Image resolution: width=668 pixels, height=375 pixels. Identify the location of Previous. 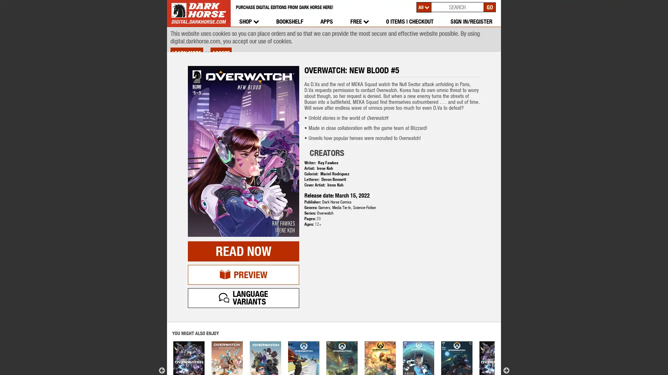
(161, 345).